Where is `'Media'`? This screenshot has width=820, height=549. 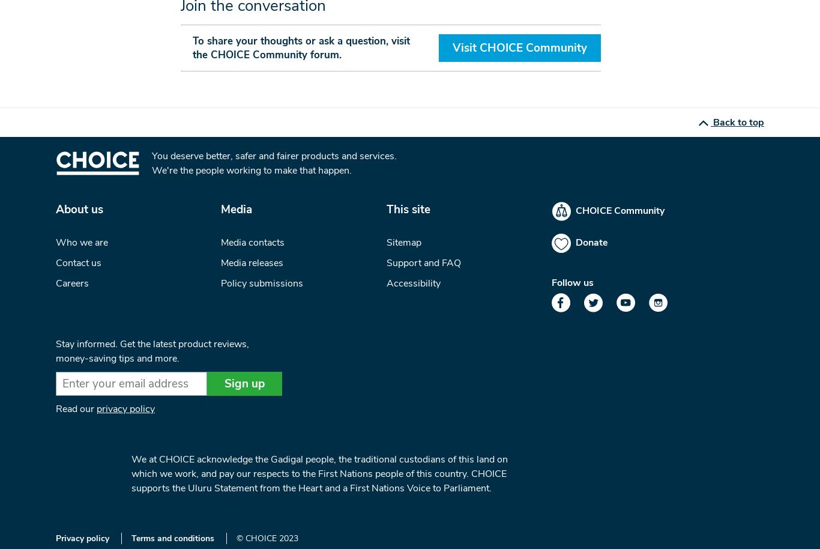
'Media' is located at coordinates (220, 208).